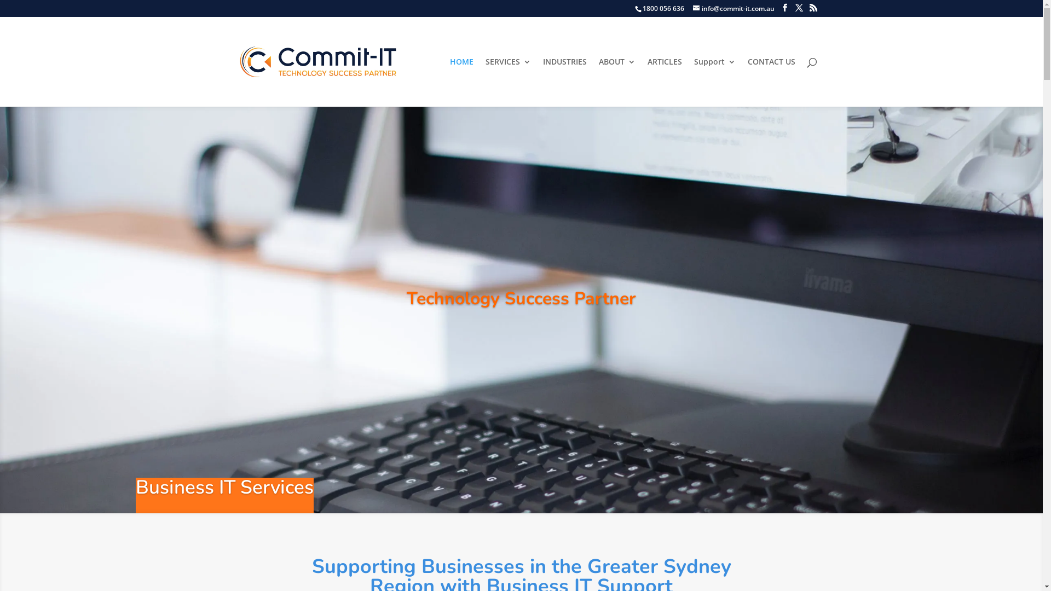 The height and width of the screenshot is (591, 1051). I want to click on 'CONTACT US', so click(747, 82).